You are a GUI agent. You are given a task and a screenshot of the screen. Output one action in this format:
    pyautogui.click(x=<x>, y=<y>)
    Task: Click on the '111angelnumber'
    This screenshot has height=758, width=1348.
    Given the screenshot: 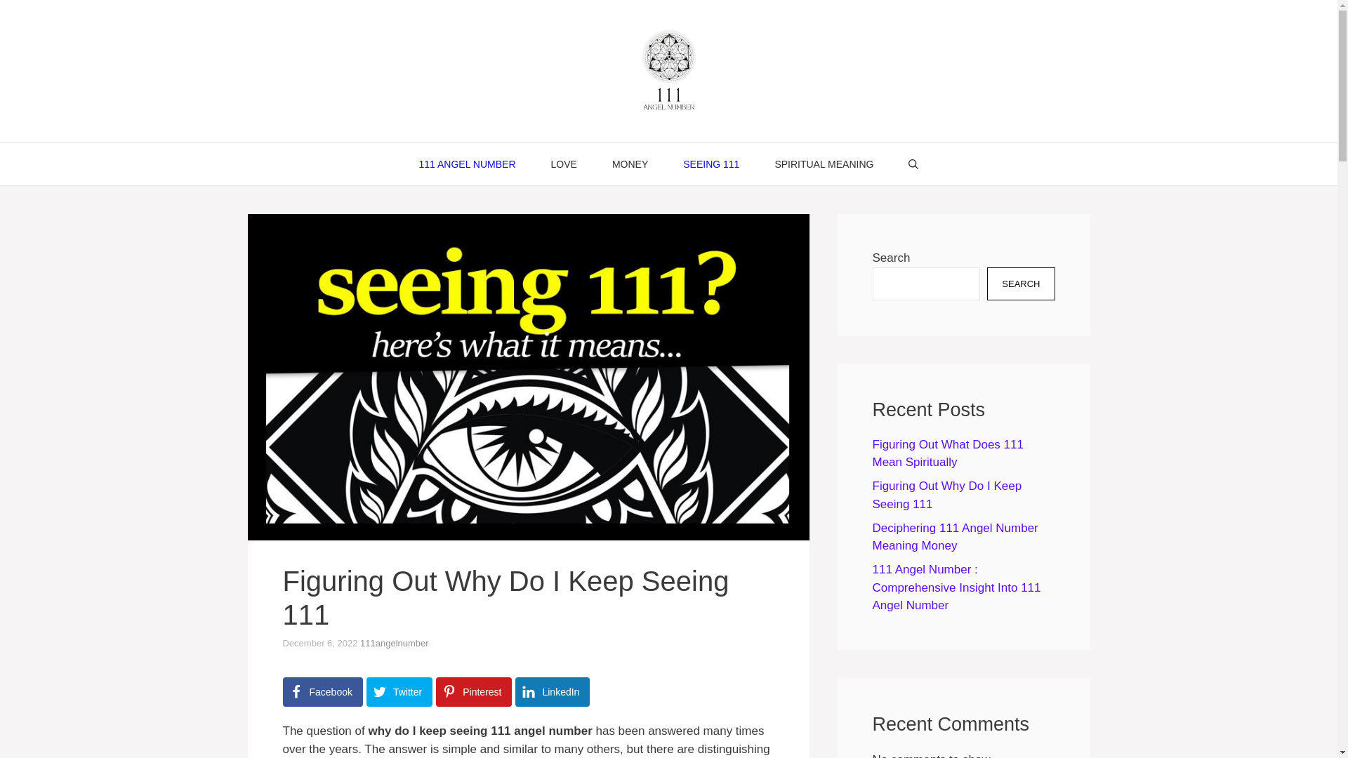 What is the action you would take?
    pyautogui.click(x=393, y=643)
    